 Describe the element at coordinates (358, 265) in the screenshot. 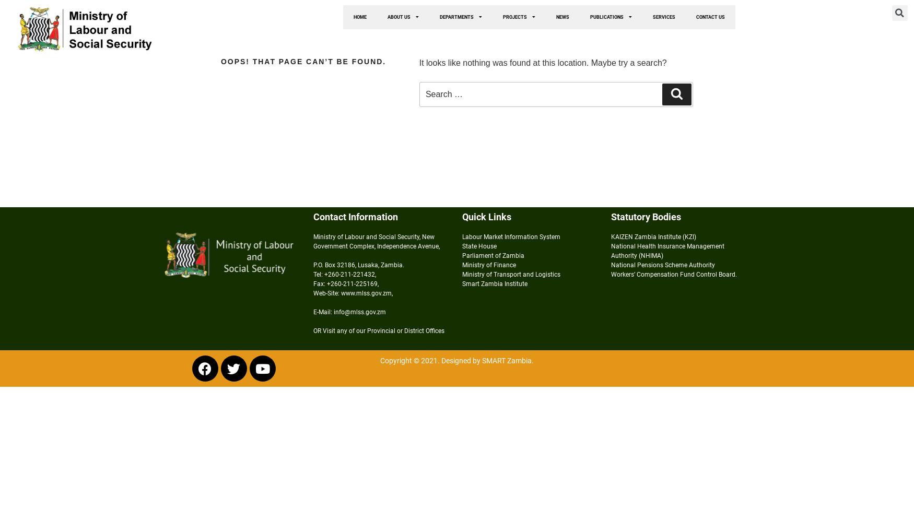

I see `'P.O. Box 32186, Lusaka, Zambia.'` at that location.